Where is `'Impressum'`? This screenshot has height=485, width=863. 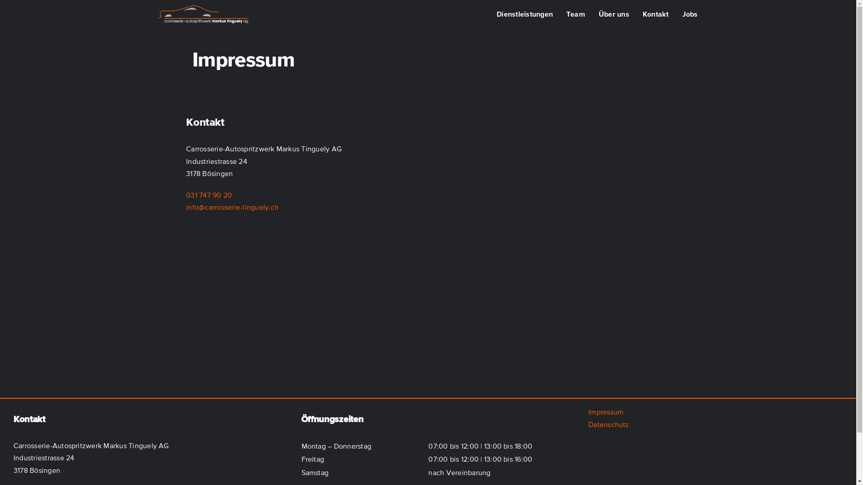 'Impressum' is located at coordinates (606, 412).